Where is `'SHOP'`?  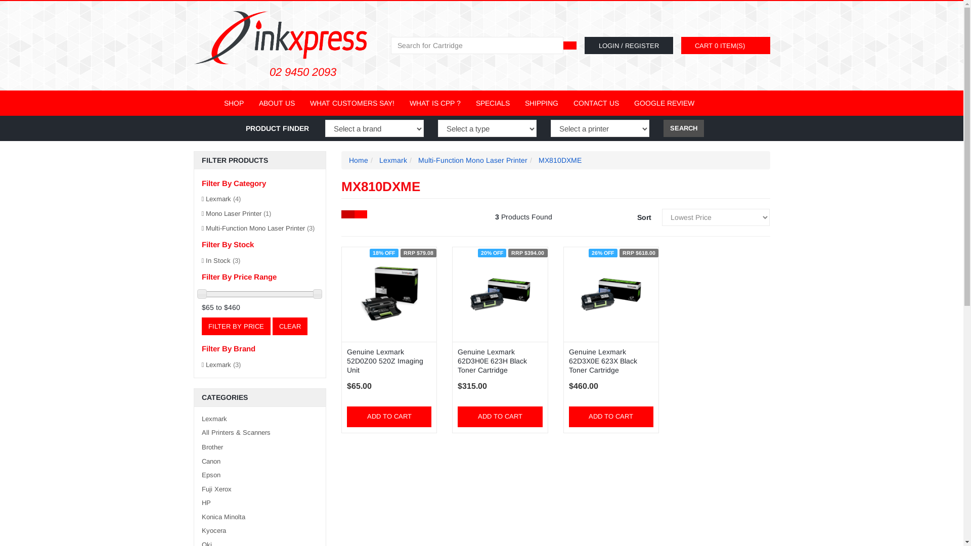 'SHOP' is located at coordinates (233, 103).